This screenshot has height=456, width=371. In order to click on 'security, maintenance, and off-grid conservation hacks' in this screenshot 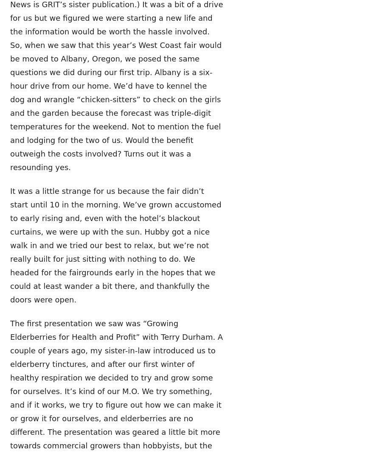, I will do `click(212, 92)`.